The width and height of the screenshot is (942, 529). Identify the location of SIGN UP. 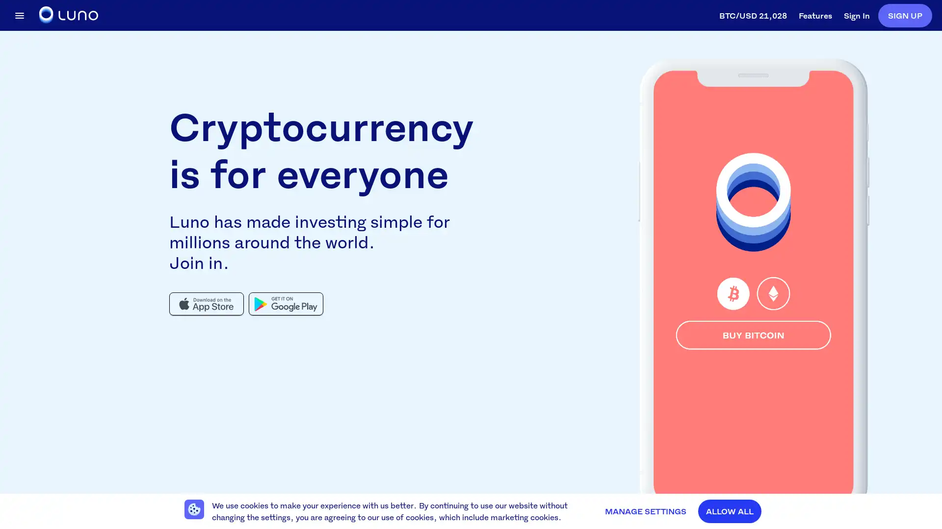
(904, 15).